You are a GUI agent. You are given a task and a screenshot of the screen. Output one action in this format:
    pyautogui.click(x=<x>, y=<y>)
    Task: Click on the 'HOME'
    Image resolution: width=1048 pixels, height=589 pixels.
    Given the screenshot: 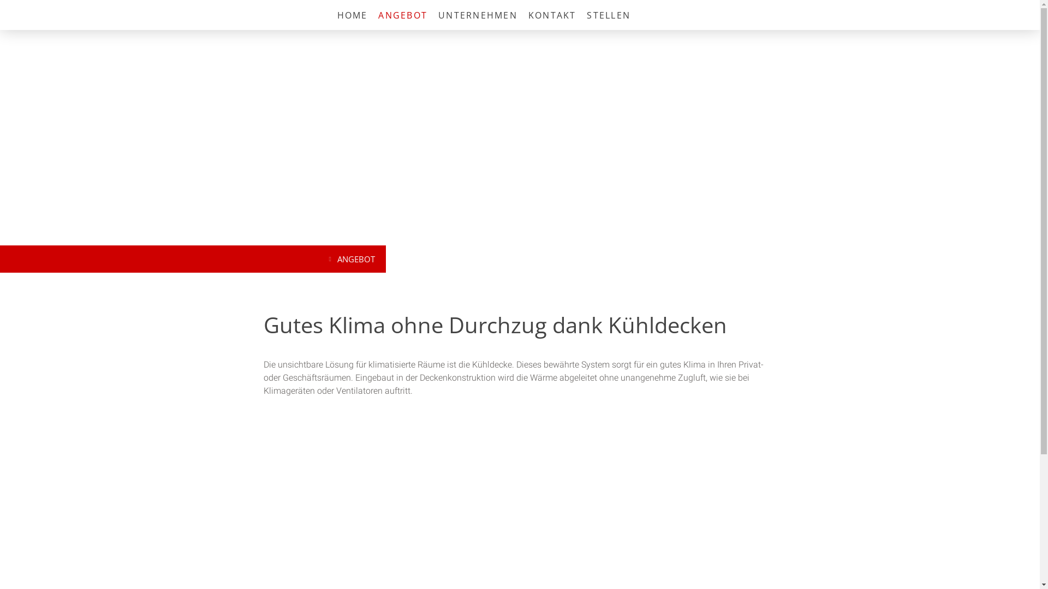 What is the action you would take?
    pyautogui.click(x=353, y=15)
    